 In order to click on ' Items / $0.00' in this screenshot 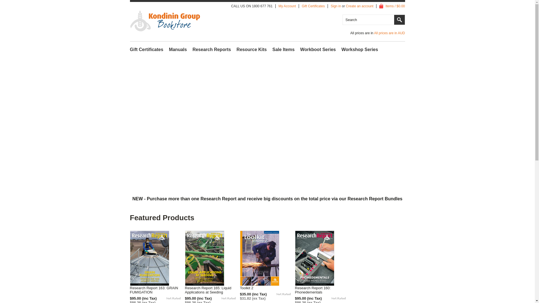, I will do `click(392, 6)`.